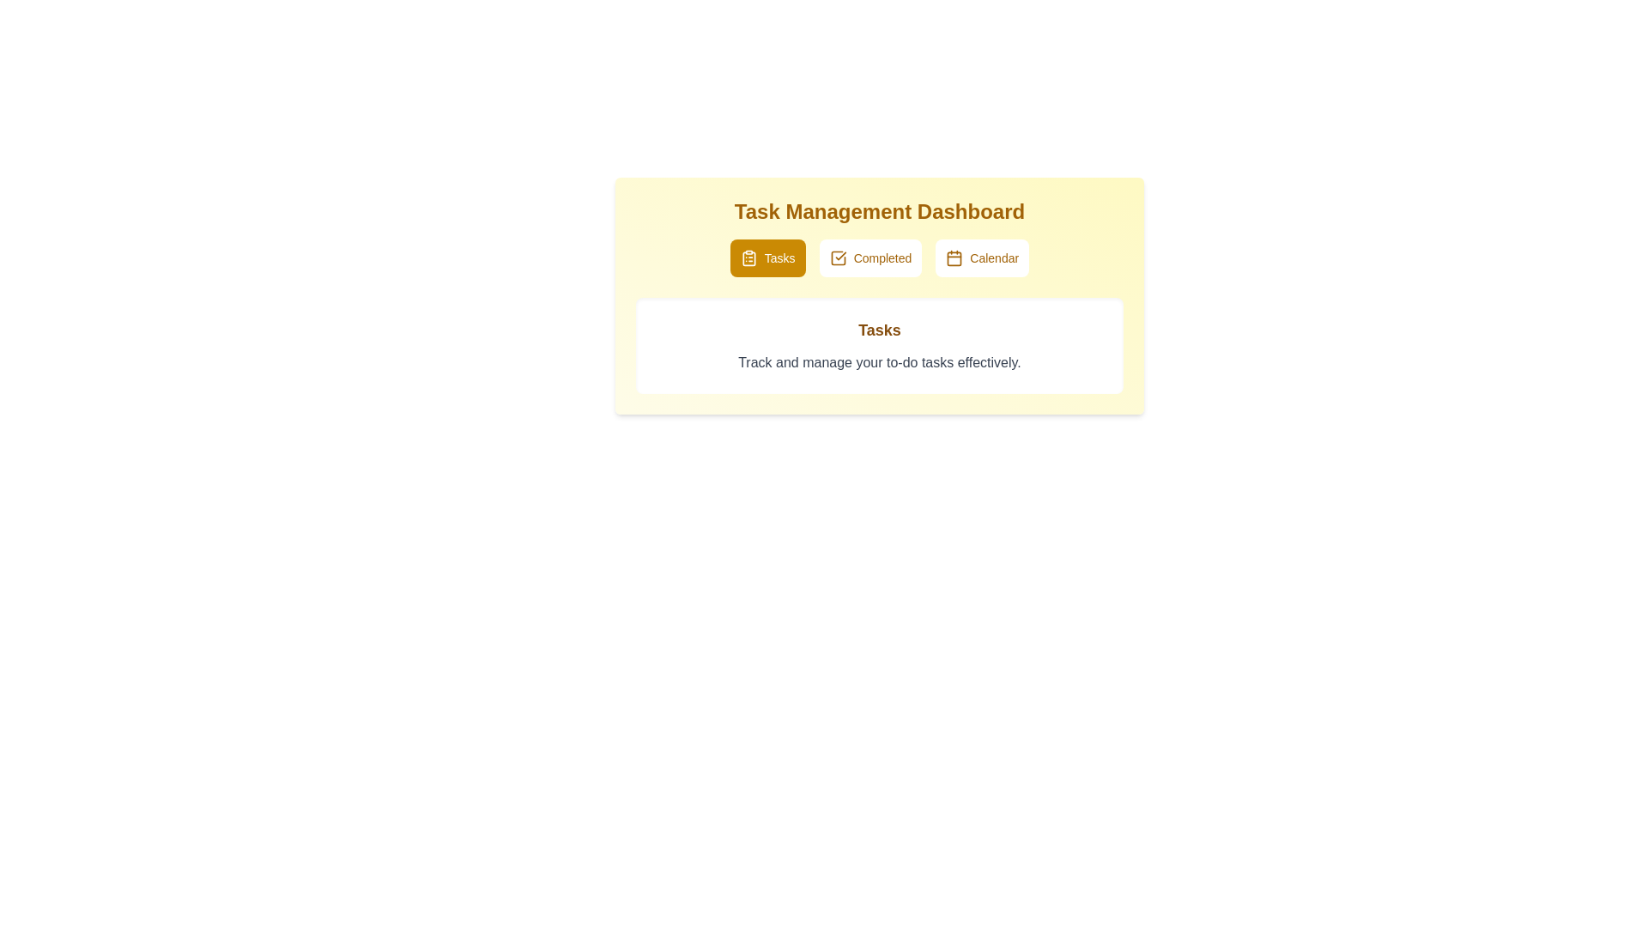 The height and width of the screenshot is (927, 1648). I want to click on the Calendar tab by clicking its button, so click(982, 257).